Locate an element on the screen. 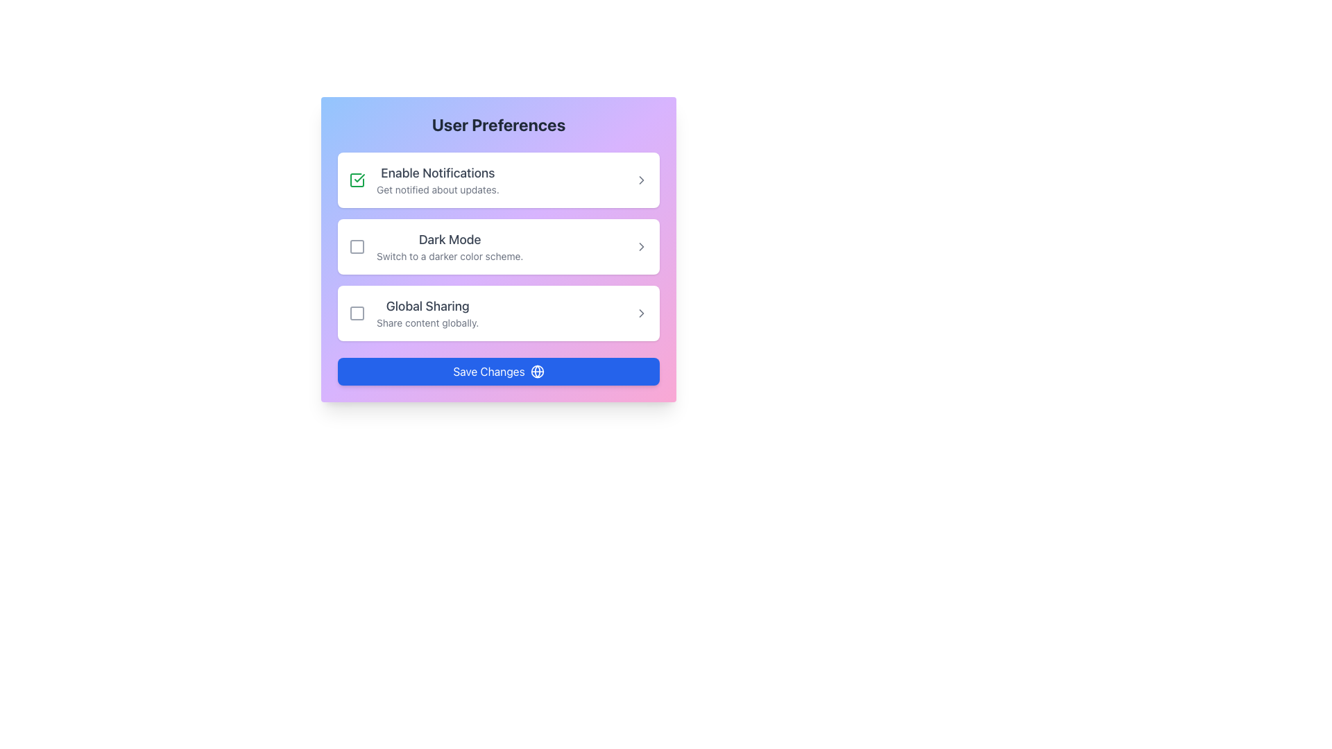 The image size is (1332, 749). the static text that provides a description for the 'Dark Mode' toggle option, located directly underneath the 'Dark Mode' heading is located at coordinates (450, 257).